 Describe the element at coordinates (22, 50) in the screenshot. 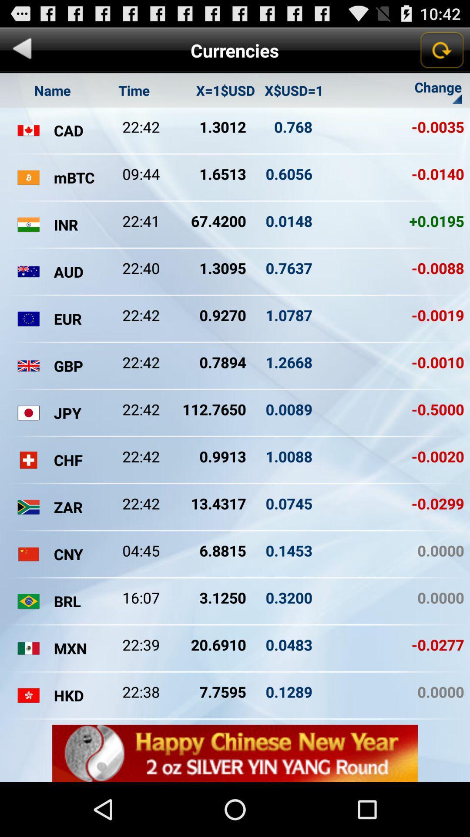

I see `play` at that location.